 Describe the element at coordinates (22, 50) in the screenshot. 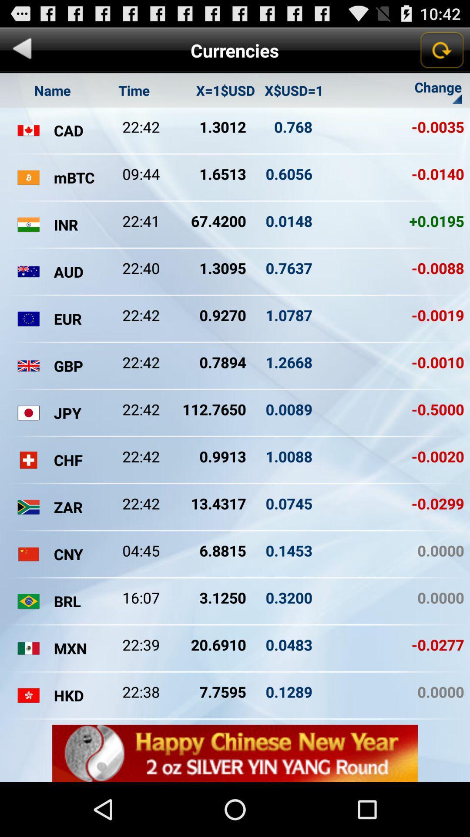

I see `play` at that location.